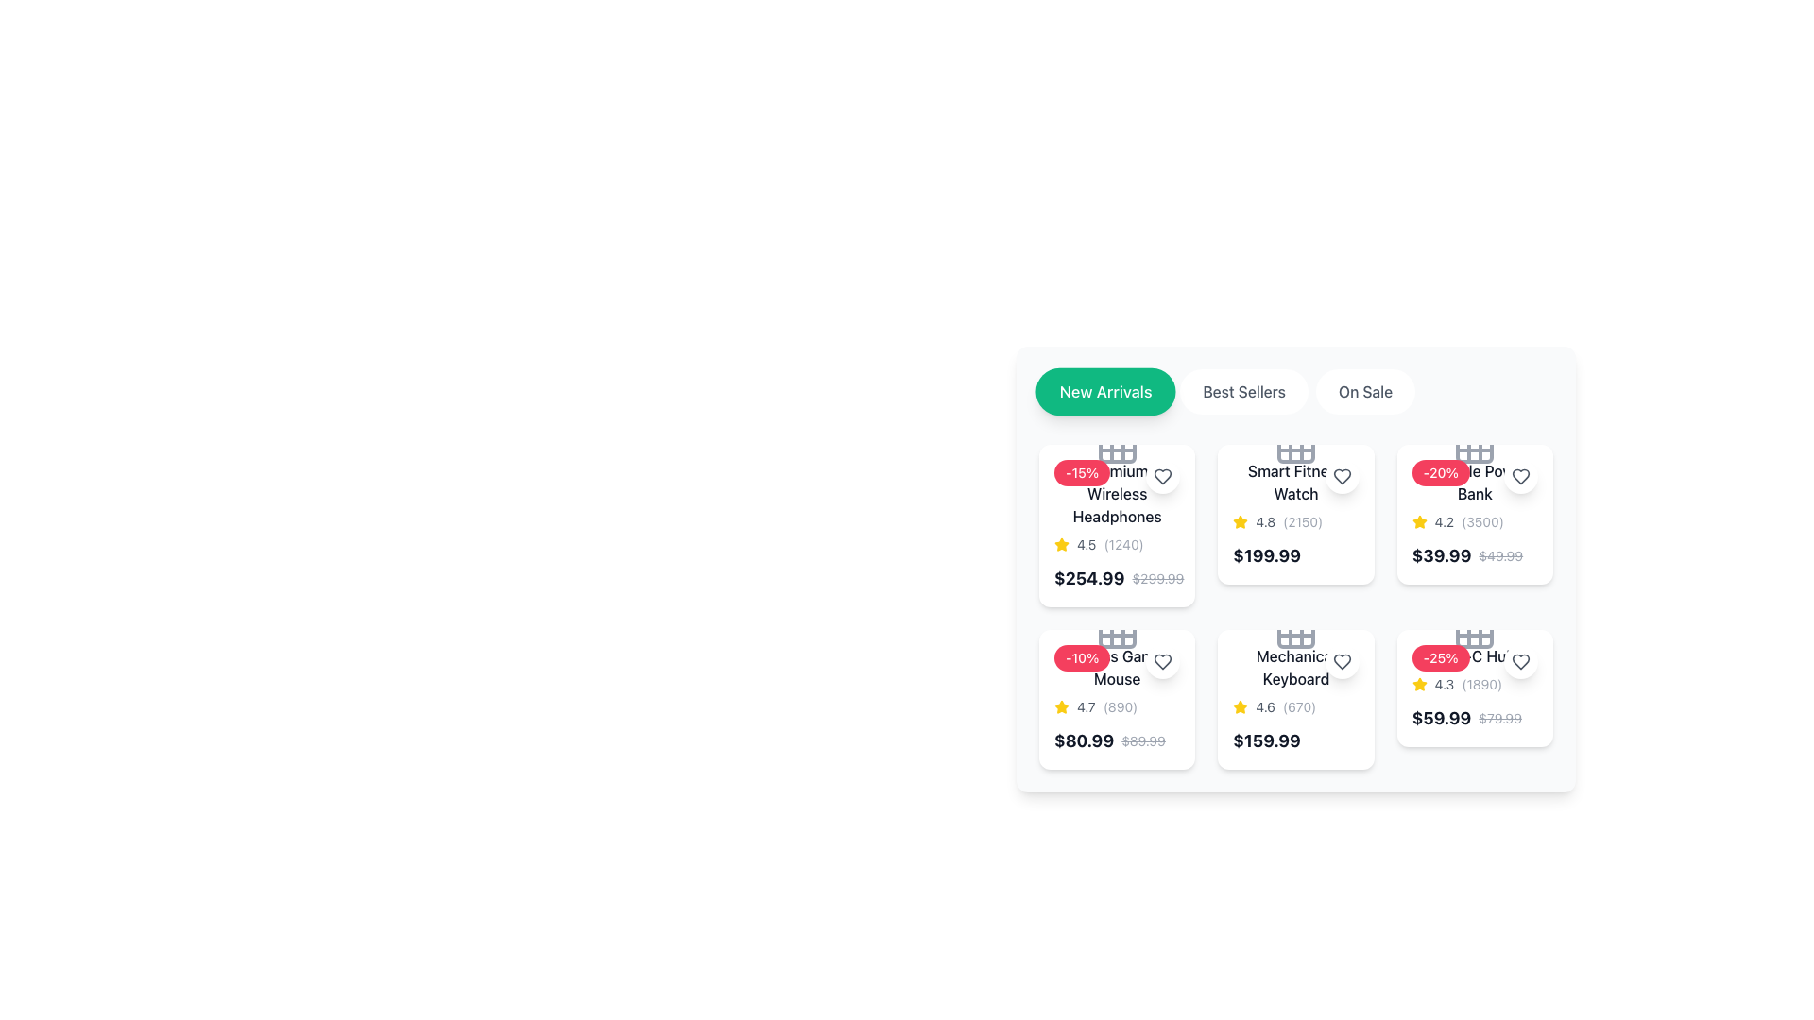  What do you see at coordinates (1241, 706) in the screenshot?
I see `the star-shaped icon with a yellow fill and border, located in the product rating section next to the numeric rating '4.6'` at bounding box center [1241, 706].